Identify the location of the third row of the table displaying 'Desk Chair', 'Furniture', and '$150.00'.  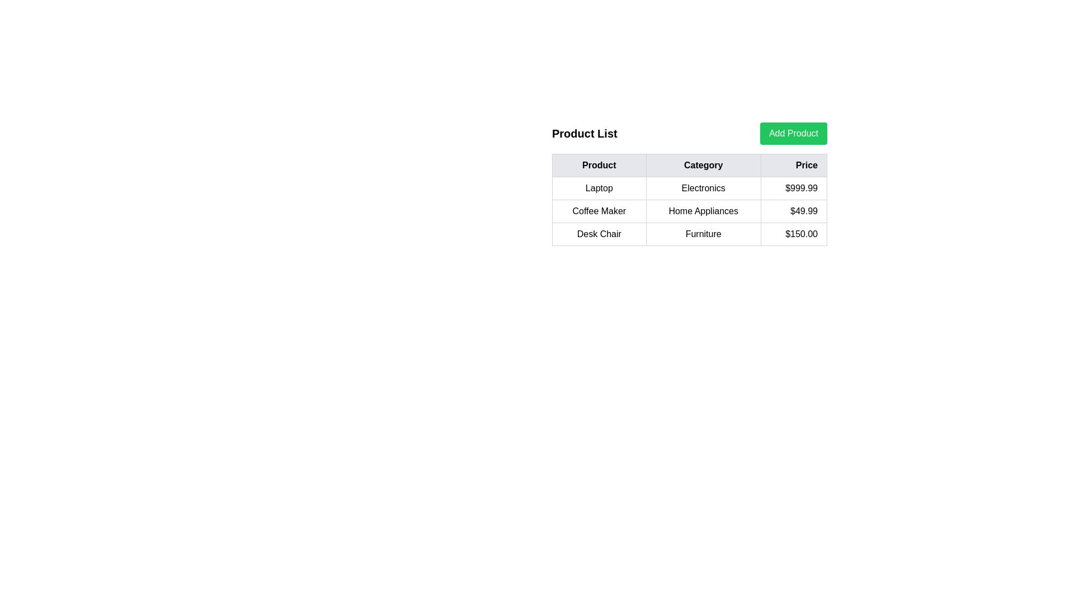
(689, 234).